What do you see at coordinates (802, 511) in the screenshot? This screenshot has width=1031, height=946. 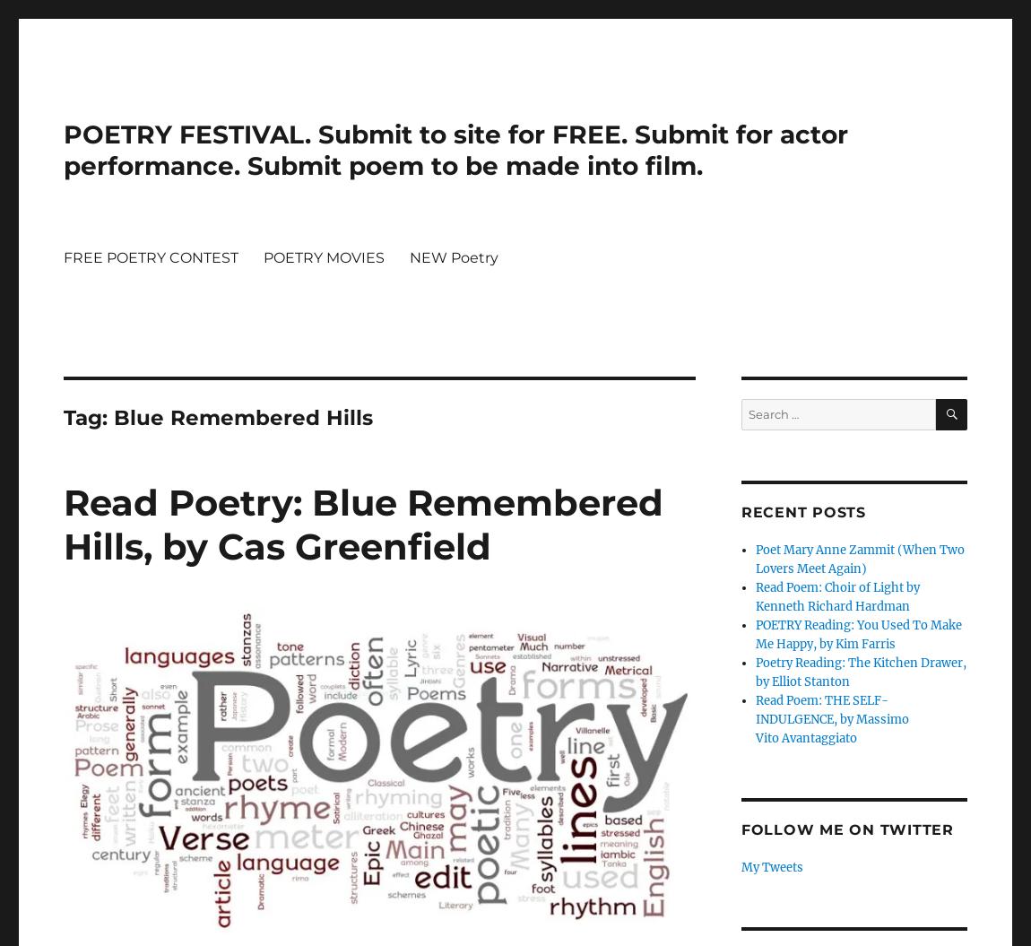 I see `'Recent Posts'` at bounding box center [802, 511].